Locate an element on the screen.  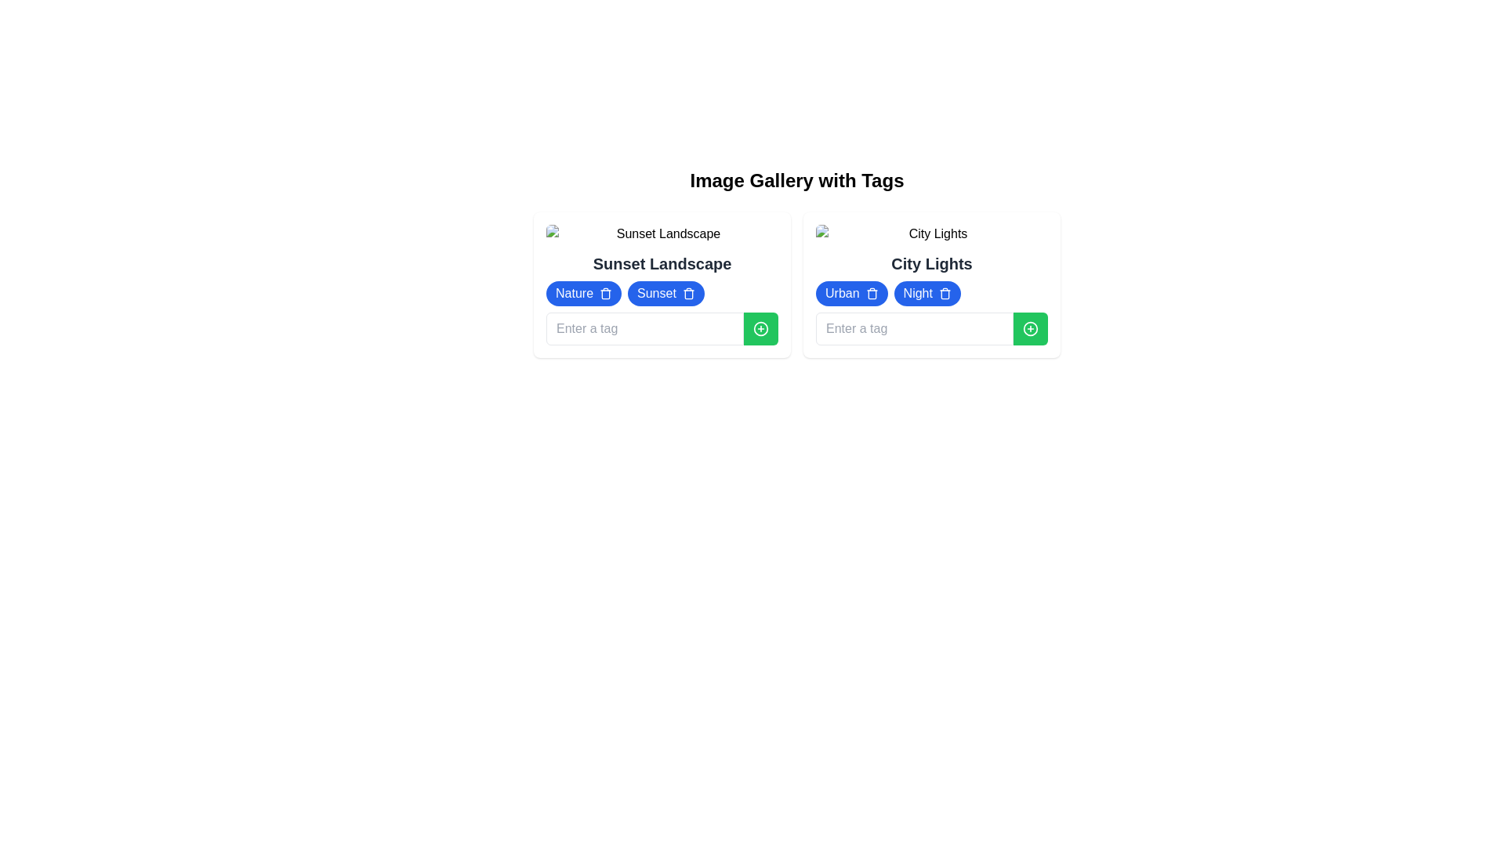
the static text label displaying 'Sunset Landscape', which is styled in a large, bold font and positioned beneath an image is located at coordinates (662, 262).